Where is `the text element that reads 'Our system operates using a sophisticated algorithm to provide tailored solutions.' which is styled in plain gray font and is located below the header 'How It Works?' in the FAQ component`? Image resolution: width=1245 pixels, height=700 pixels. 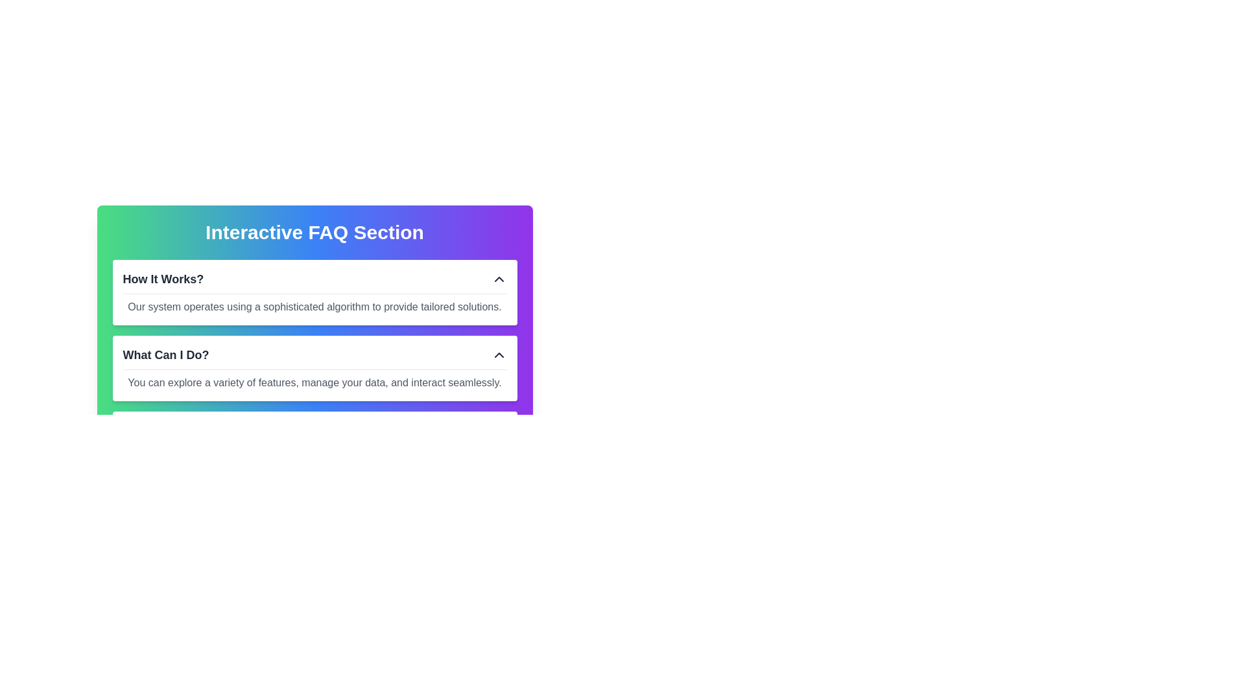 the text element that reads 'Our system operates using a sophisticated algorithm to provide tailored solutions.' which is styled in plain gray font and is located below the header 'How It Works?' in the FAQ component is located at coordinates (314, 305).